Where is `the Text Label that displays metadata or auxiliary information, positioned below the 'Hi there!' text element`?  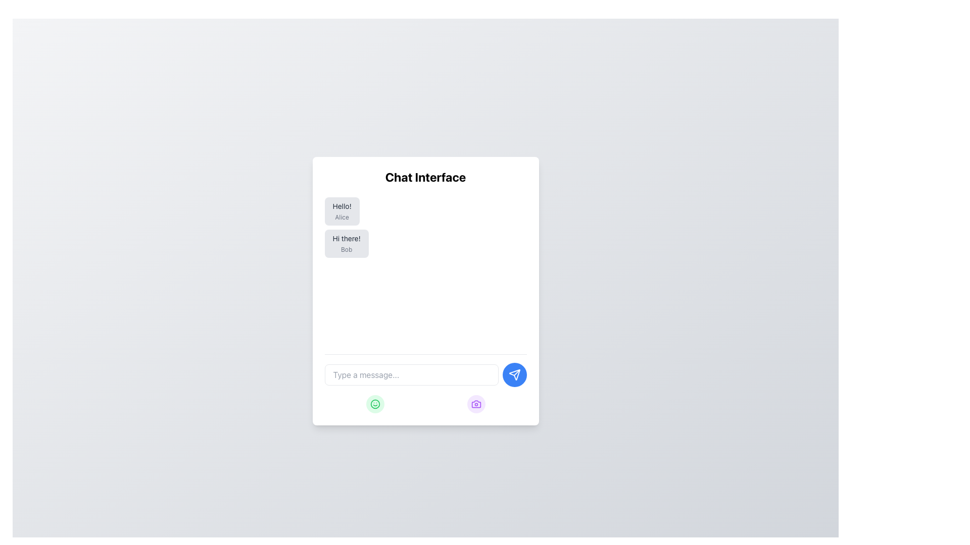 the Text Label that displays metadata or auxiliary information, positioned below the 'Hi there!' text element is located at coordinates (347, 249).